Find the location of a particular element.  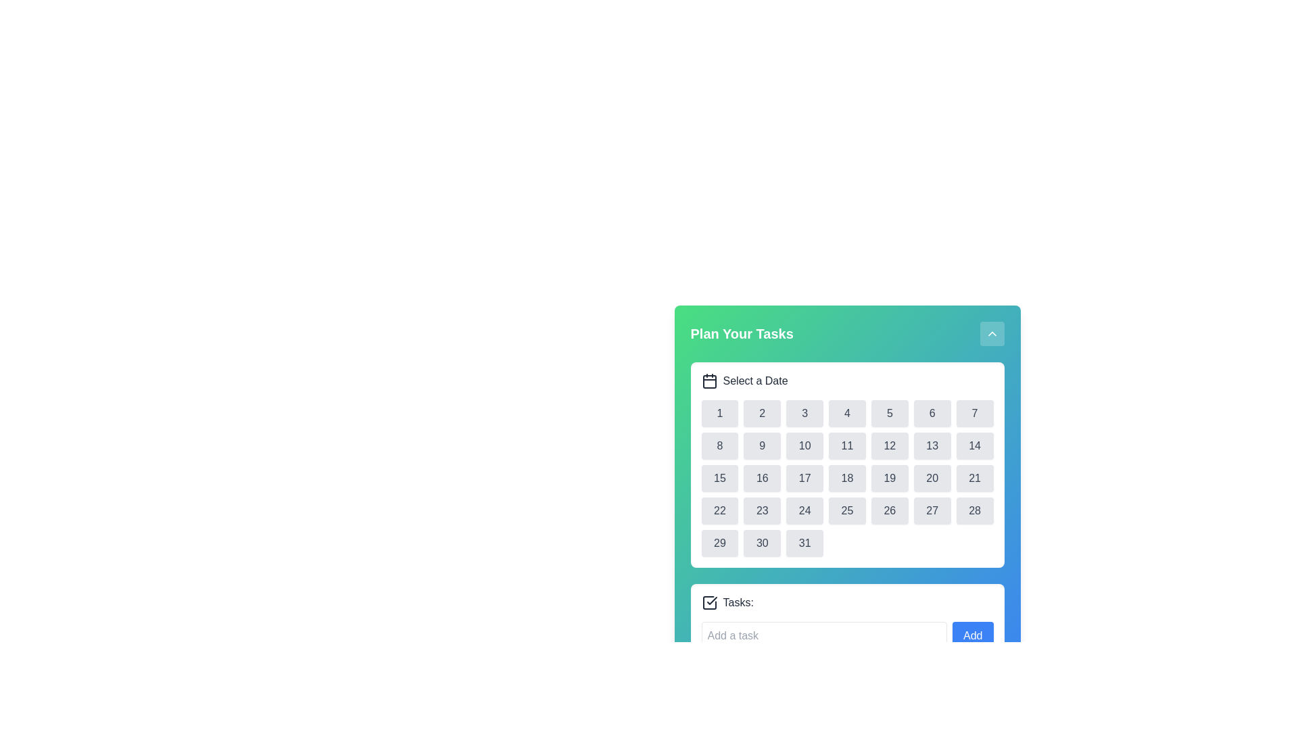

the rectangular button with rounded corners labeled '8' in a calendar-like interface is located at coordinates (719, 445).